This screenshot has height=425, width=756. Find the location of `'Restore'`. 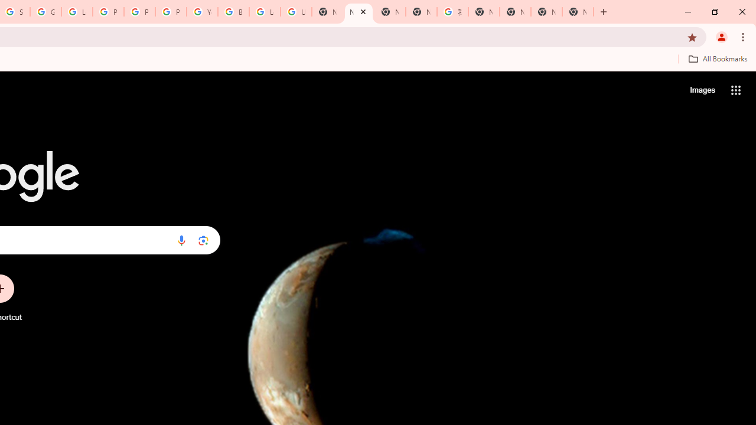

'Restore' is located at coordinates (714, 12).